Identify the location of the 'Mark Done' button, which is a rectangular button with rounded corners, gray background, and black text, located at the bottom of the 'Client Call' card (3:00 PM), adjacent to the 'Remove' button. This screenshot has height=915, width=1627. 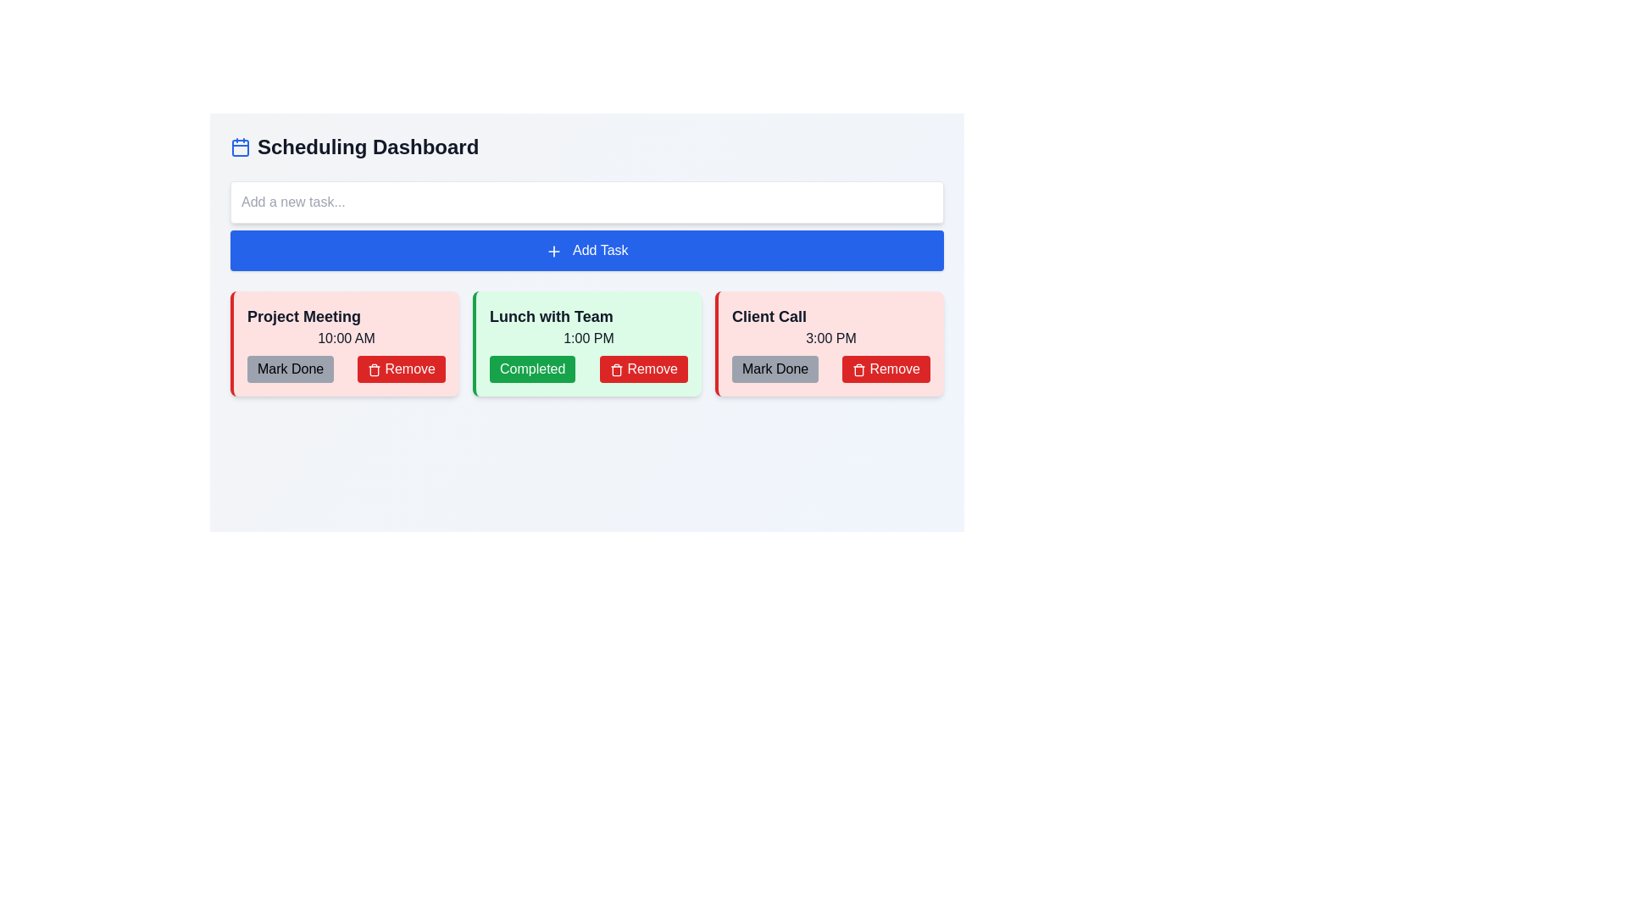
(775, 368).